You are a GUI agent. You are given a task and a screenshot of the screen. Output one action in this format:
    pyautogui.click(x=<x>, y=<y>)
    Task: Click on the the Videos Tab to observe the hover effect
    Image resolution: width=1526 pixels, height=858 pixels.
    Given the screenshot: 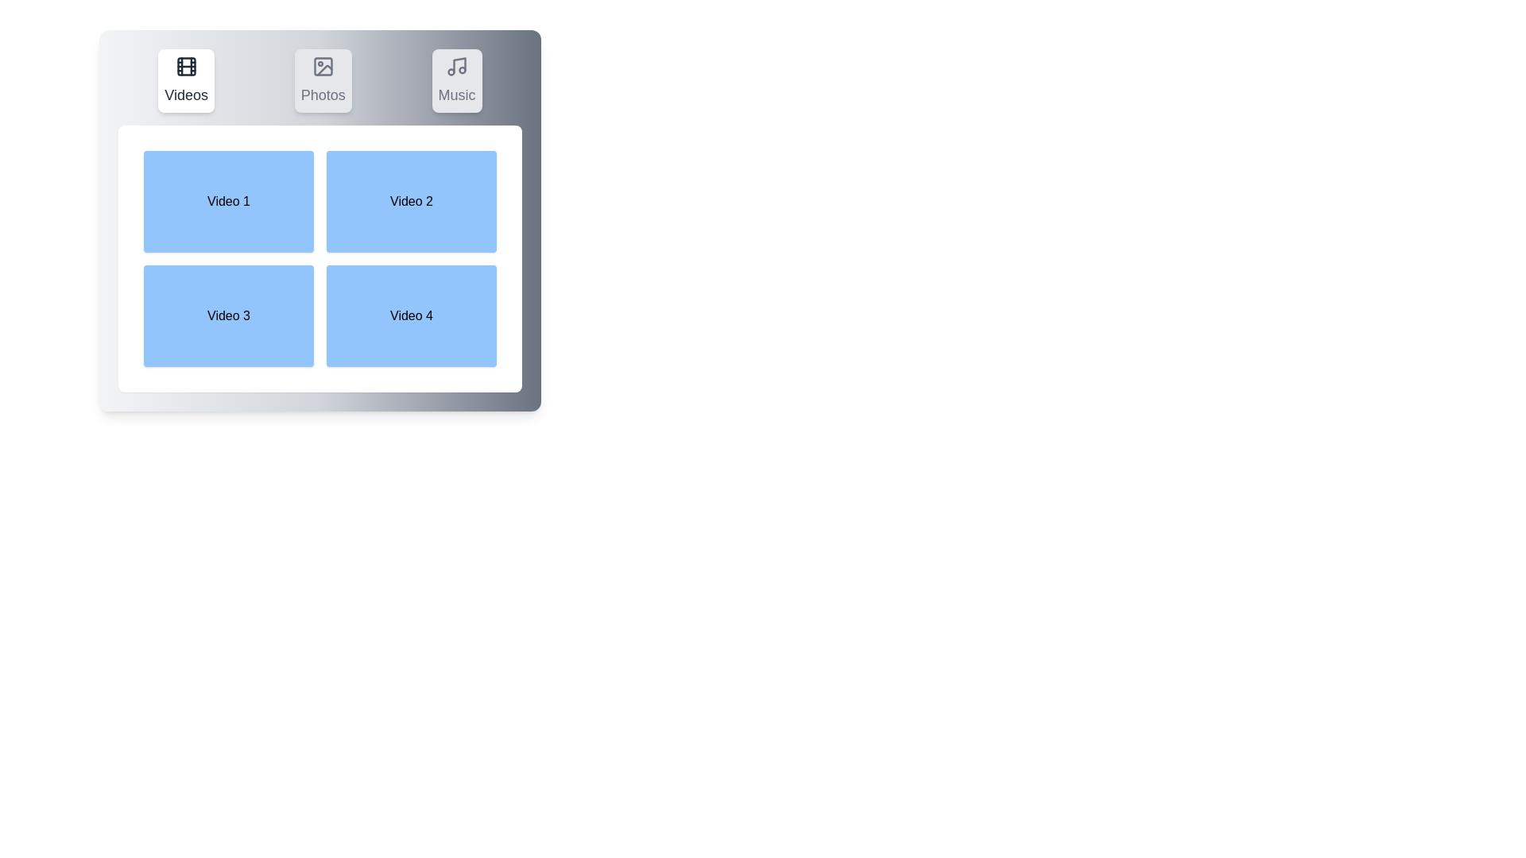 What is the action you would take?
    pyautogui.click(x=186, y=80)
    